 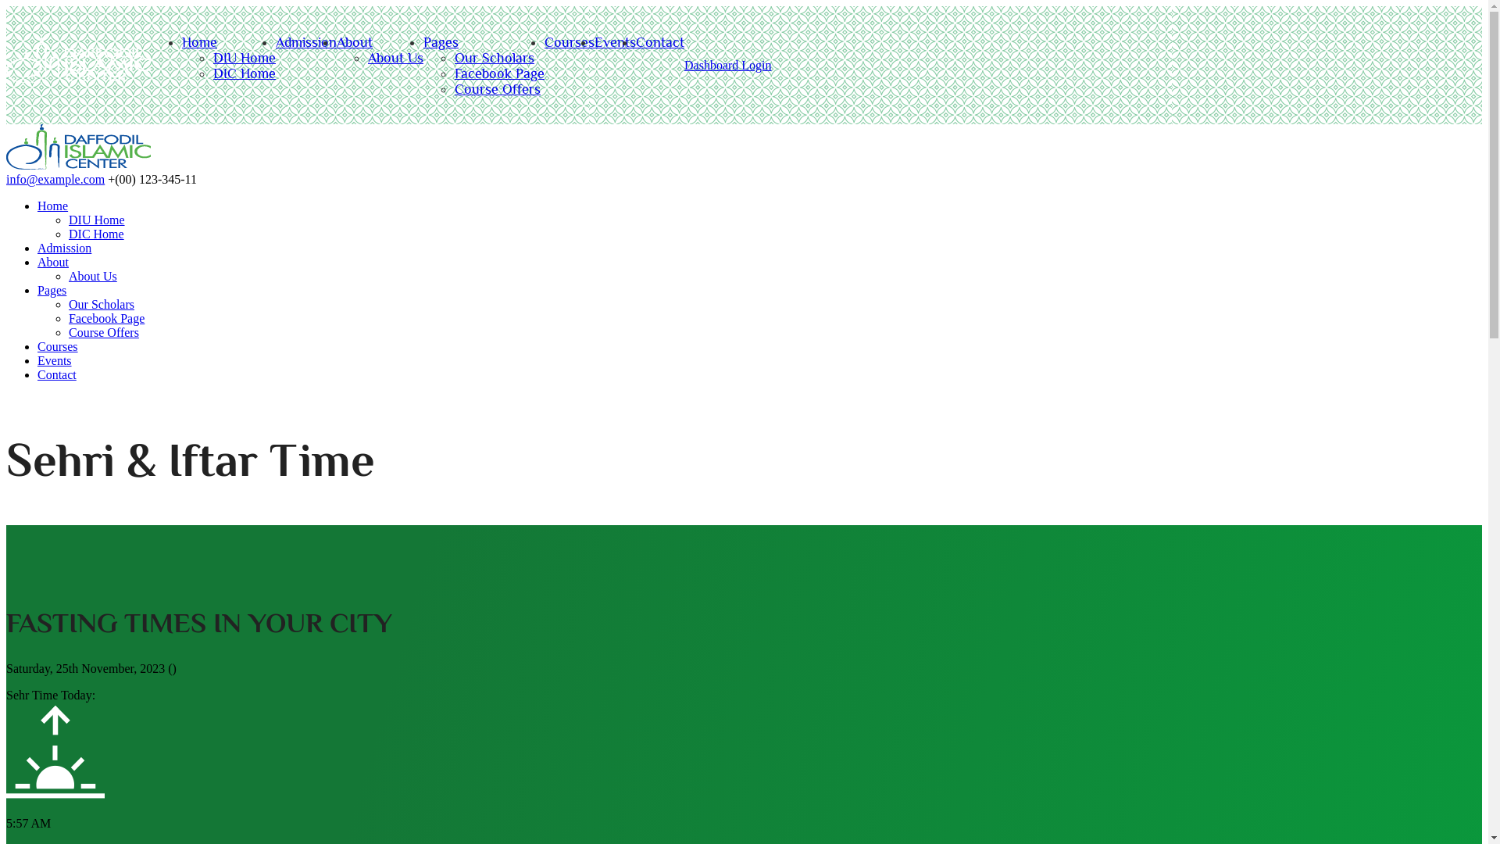 I want to click on 'DIC Home', so click(x=243, y=73).